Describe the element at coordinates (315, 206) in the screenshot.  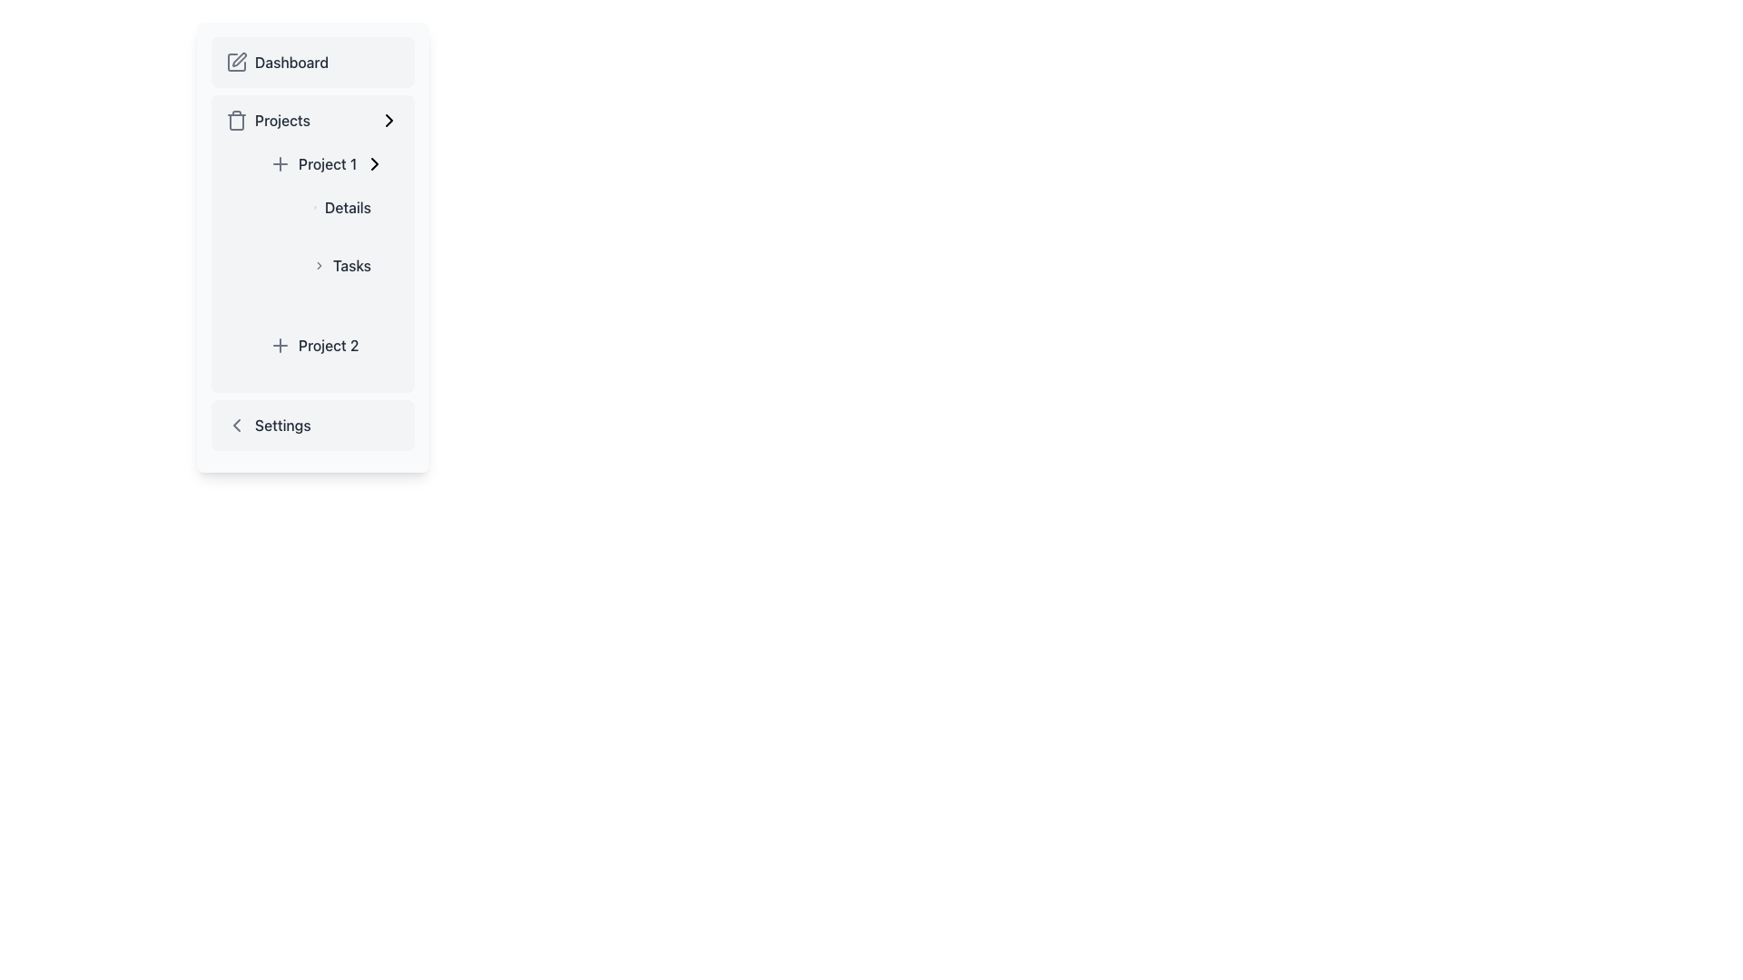
I see `the leftmost chevron/arrow icon that indicates showing or hiding related items in the row containing the text 'Details'` at that location.